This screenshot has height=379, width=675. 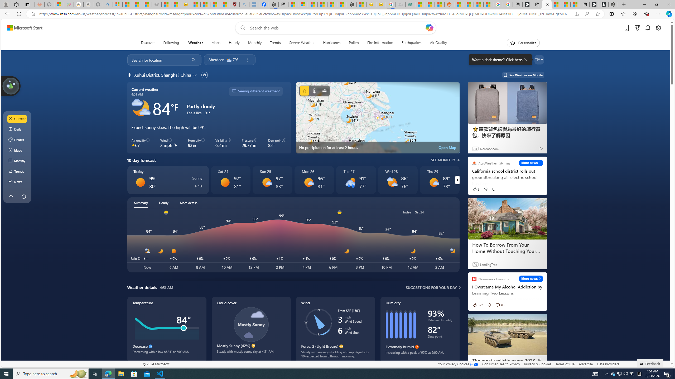 What do you see at coordinates (247, 59) in the screenshot?
I see `'Remove location'` at bounding box center [247, 59].